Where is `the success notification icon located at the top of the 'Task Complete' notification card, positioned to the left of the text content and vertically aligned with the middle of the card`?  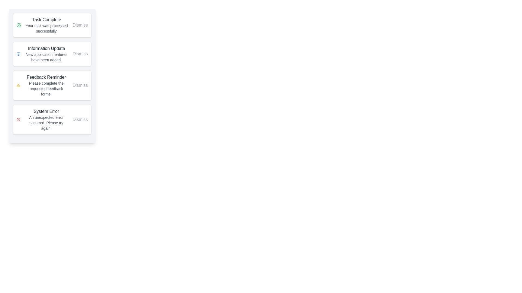
the success notification icon located at the top of the 'Task Complete' notification card, positioned to the left of the text content and vertically aligned with the middle of the card is located at coordinates (18, 25).